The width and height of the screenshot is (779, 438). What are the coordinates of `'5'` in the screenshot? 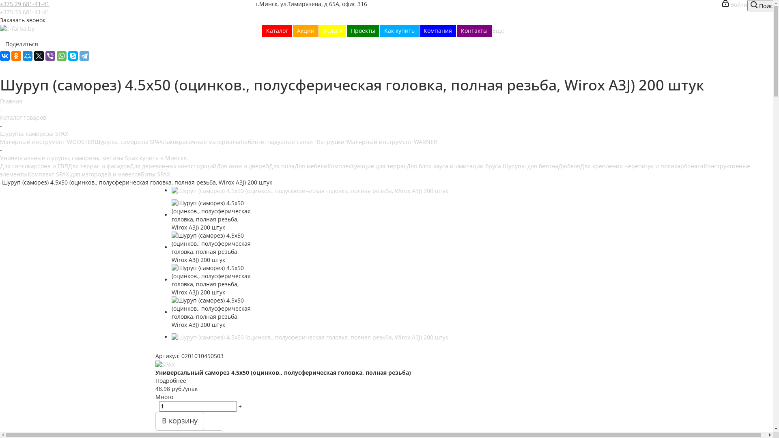 It's located at (189, 348).